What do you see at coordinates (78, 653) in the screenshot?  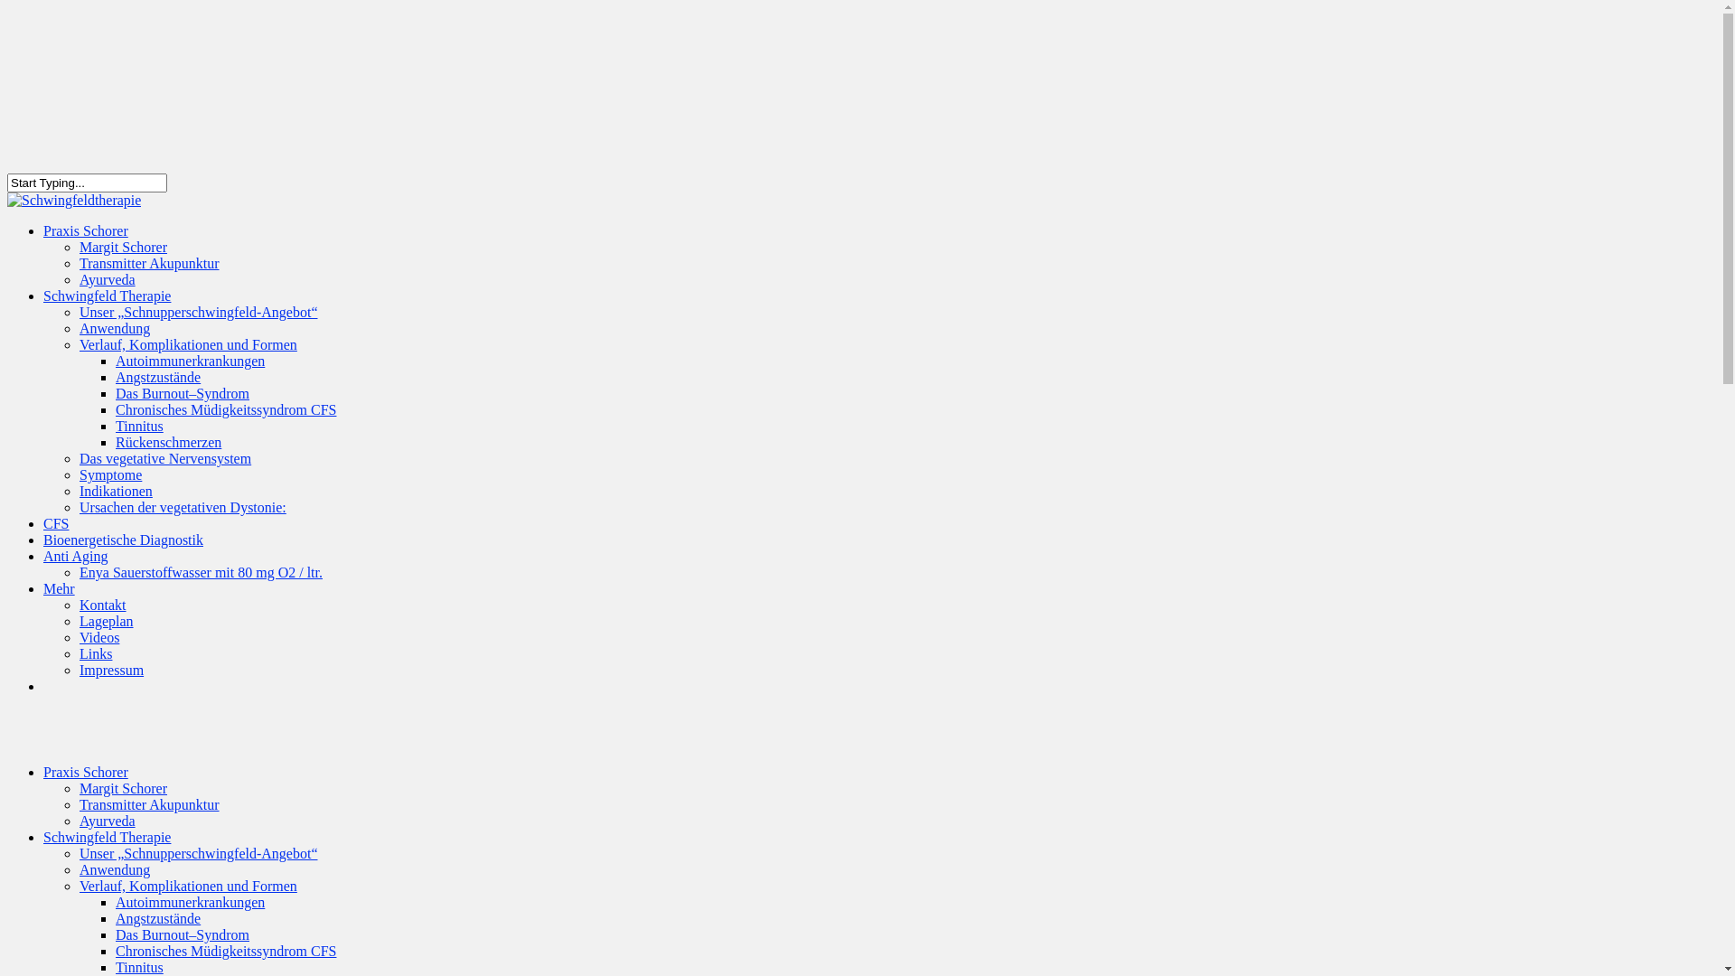 I see `'Links'` at bounding box center [78, 653].